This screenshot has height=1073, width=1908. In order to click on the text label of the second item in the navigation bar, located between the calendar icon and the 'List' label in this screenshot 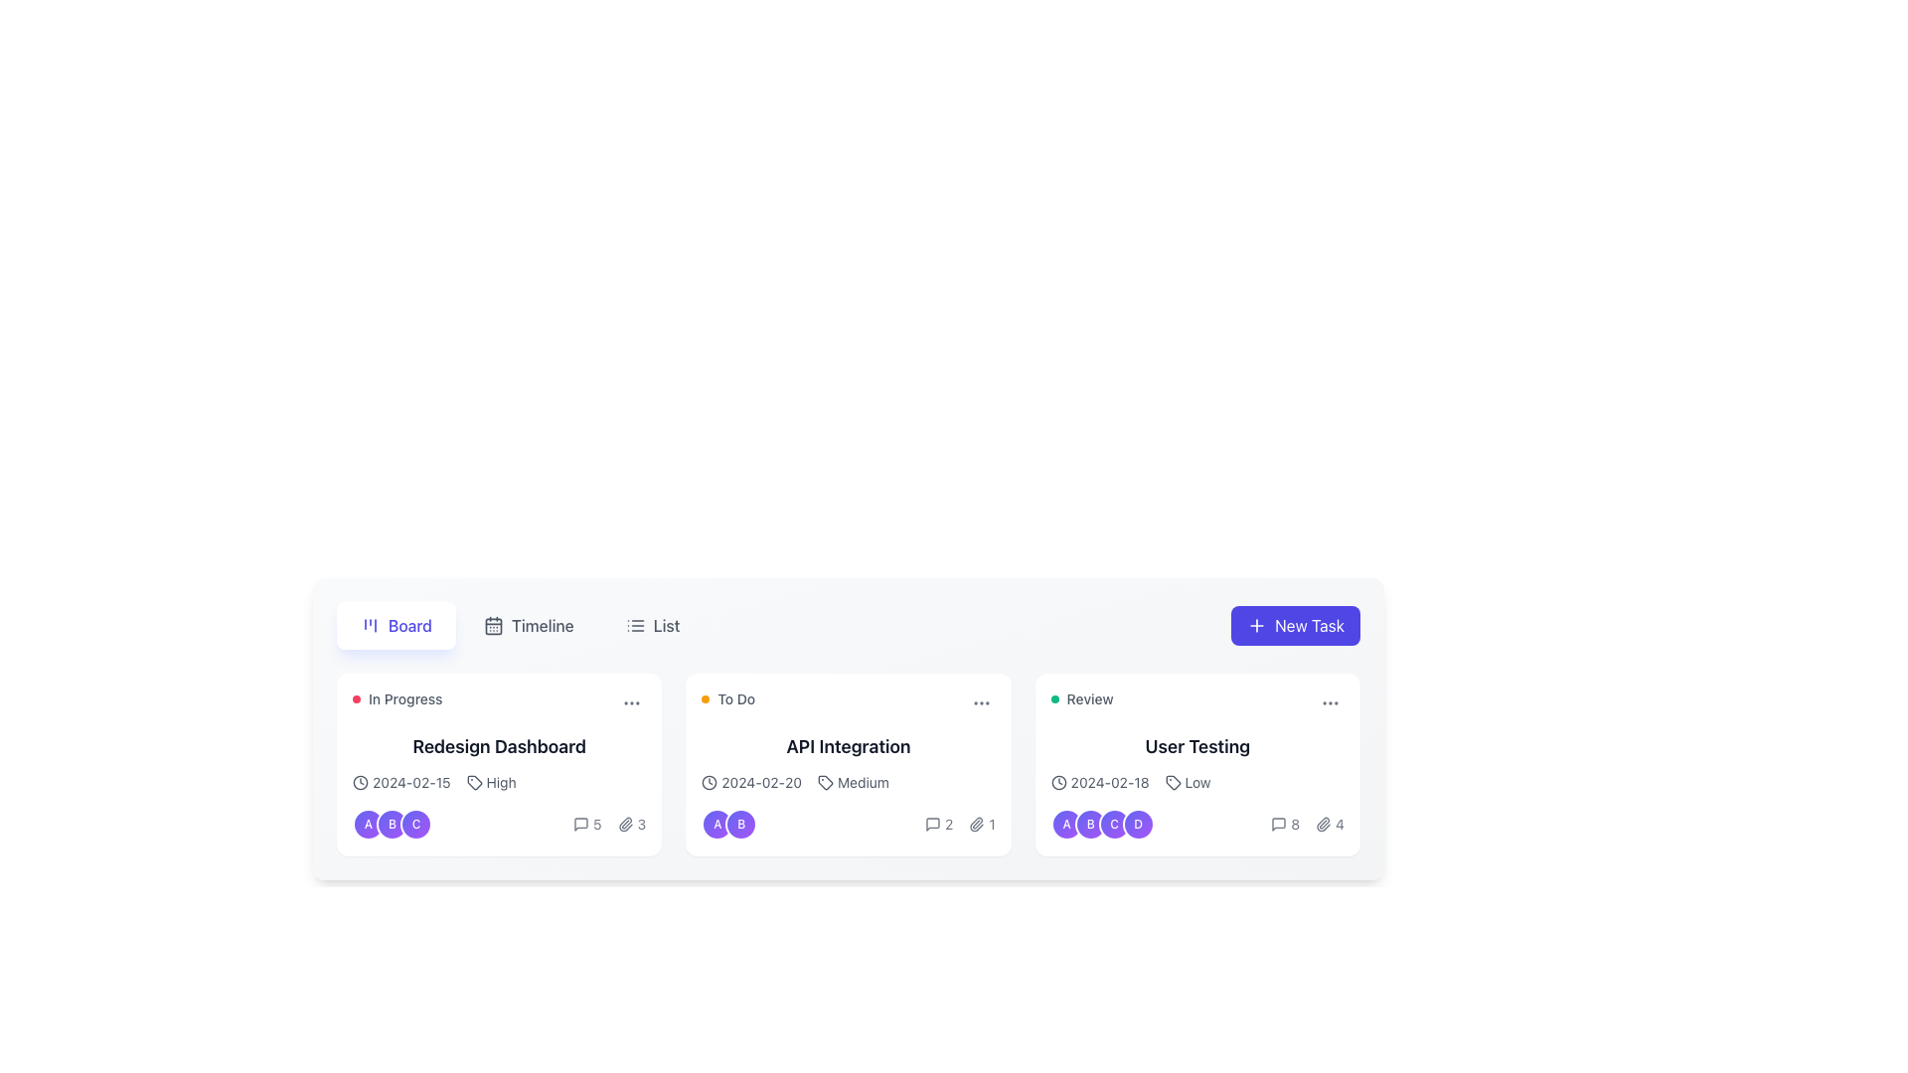, I will do `click(543, 624)`.